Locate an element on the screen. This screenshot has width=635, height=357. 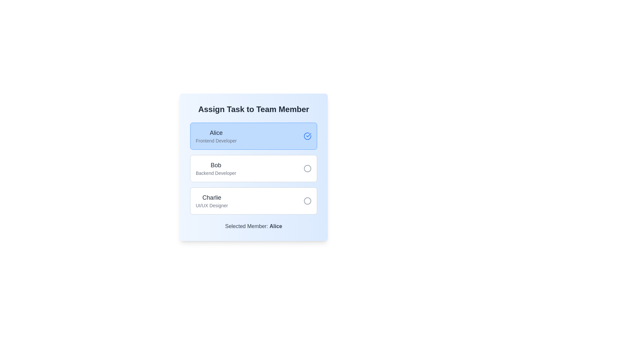
text label displaying 'Bob', which is prominently styled in dark gray and located above the role description 'Backend Developer' in the second member's section is located at coordinates (216, 165).